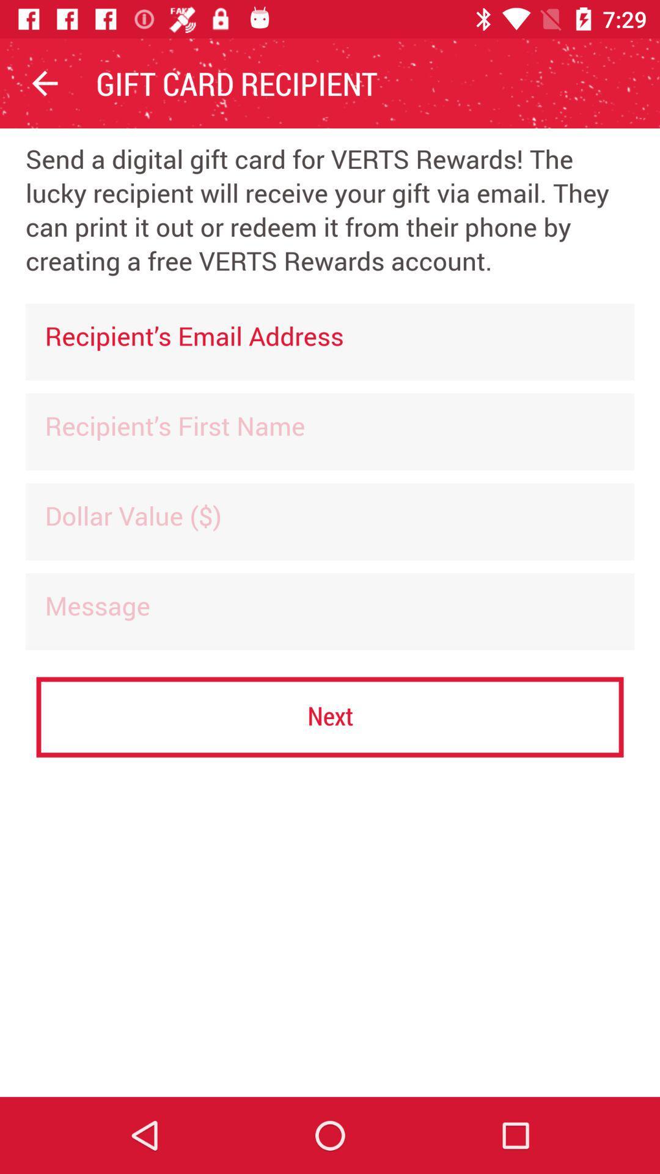 Image resolution: width=660 pixels, height=1174 pixels. Describe the element at coordinates (44, 83) in the screenshot. I see `the icon above the send a digital item` at that location.